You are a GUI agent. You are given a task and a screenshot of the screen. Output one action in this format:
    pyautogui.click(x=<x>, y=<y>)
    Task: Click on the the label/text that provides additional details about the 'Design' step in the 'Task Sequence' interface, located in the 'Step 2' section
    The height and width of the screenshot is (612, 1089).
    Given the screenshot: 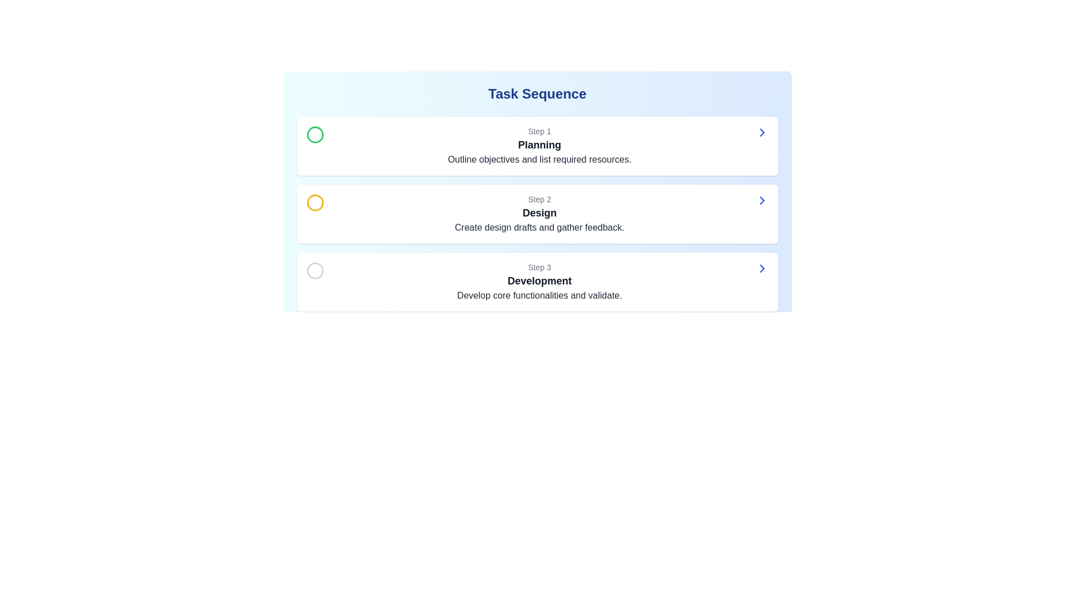 What is the action you would take?
    pyautogui.click(x=539, y=227)
    